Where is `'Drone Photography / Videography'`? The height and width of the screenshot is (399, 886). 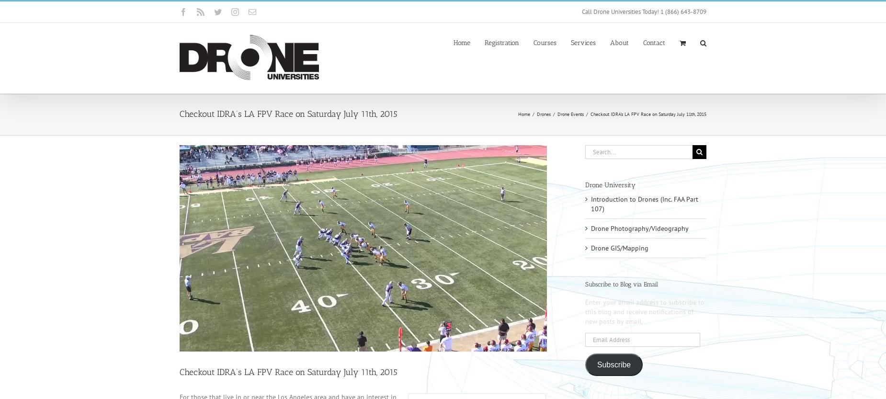
'Drone Photography / Videography' is located at coordinates (524, 104).